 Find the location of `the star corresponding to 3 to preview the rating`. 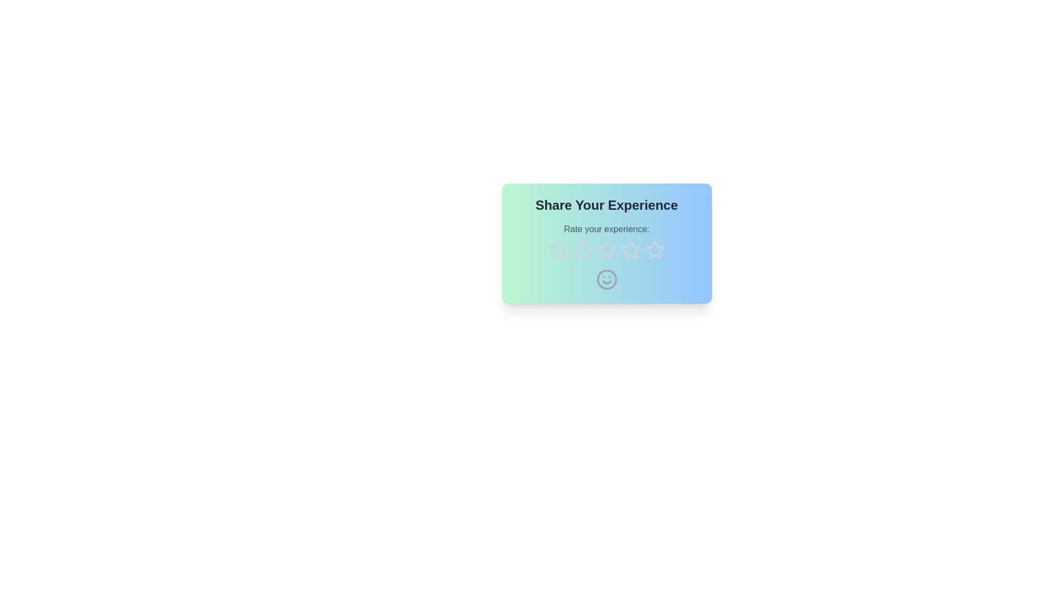

the star corresponding to 3 to preview the rating is located at coordinates (606, 250).